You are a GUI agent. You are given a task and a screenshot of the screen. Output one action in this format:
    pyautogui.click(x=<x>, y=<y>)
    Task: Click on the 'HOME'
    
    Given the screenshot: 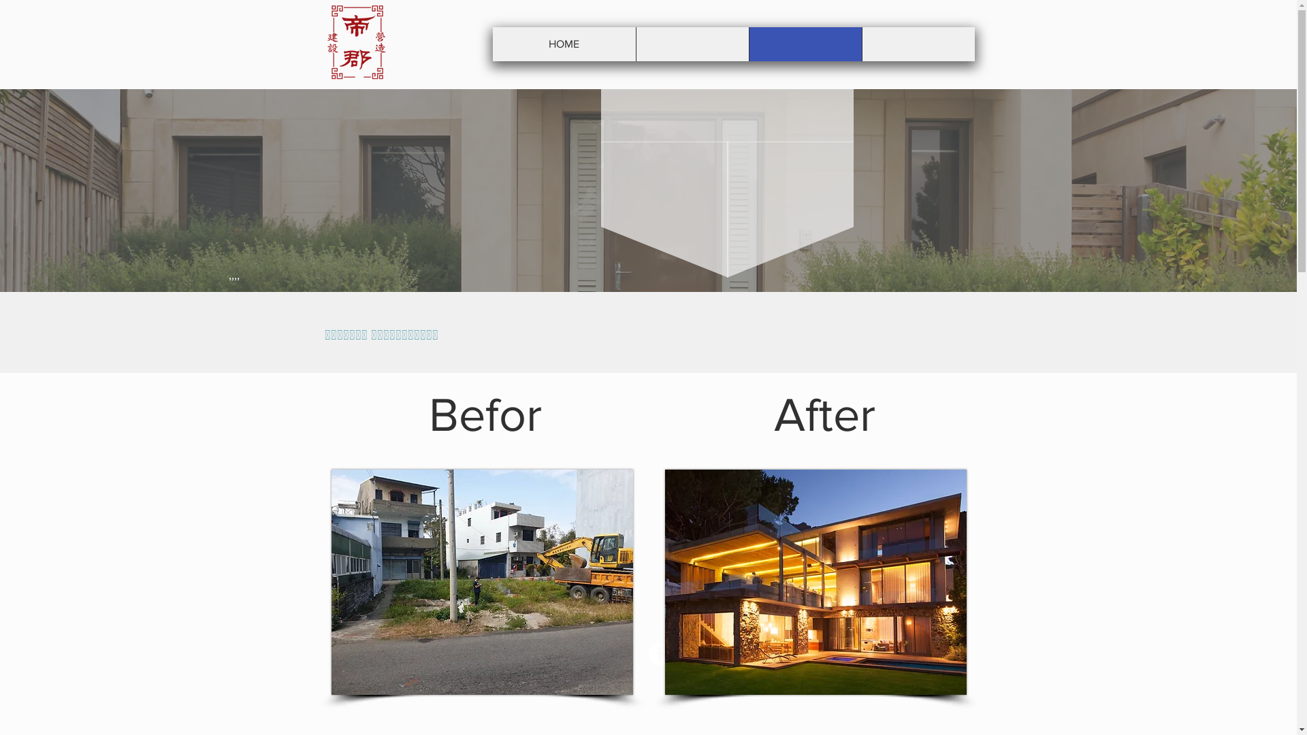 What is the action you would take?
    pyautogui.click(x=564, y=44)
    